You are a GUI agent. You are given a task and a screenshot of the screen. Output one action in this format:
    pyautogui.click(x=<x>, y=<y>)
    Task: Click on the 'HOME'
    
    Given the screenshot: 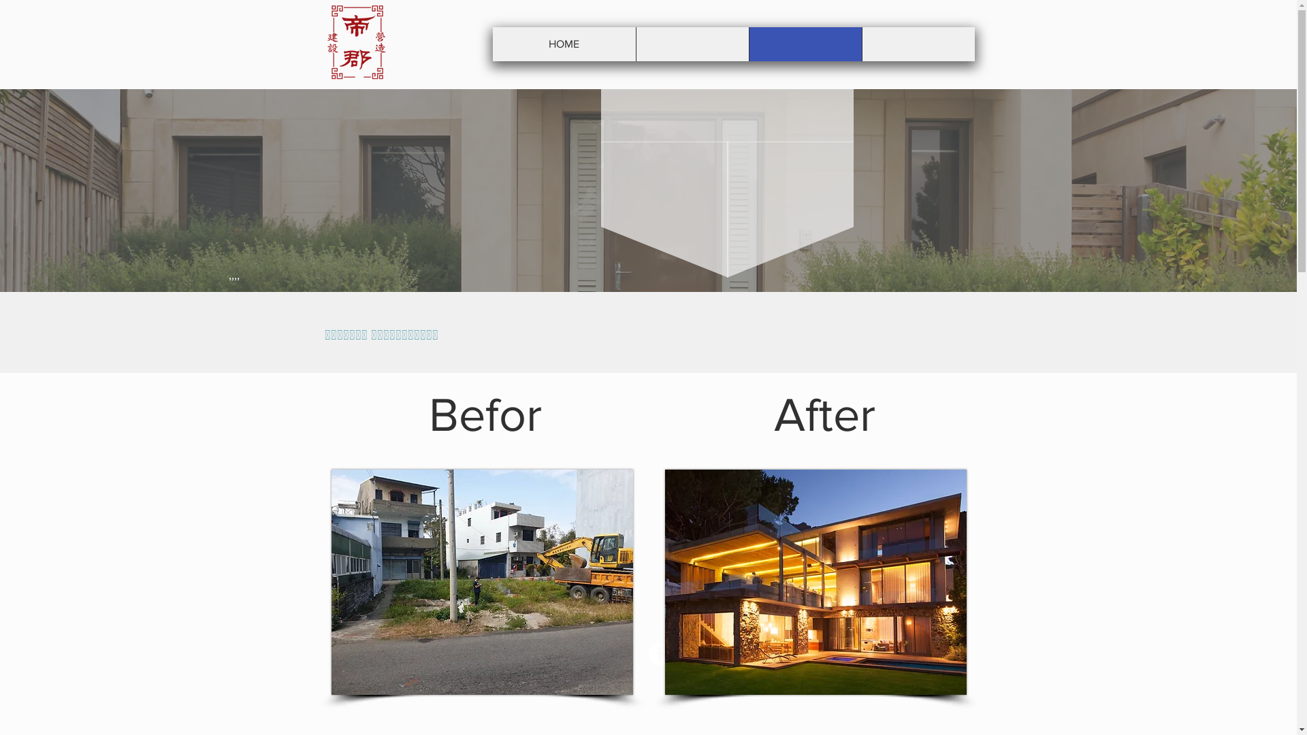 What is the action you would take?
    pyautogui.click(x=564, y=44)
    